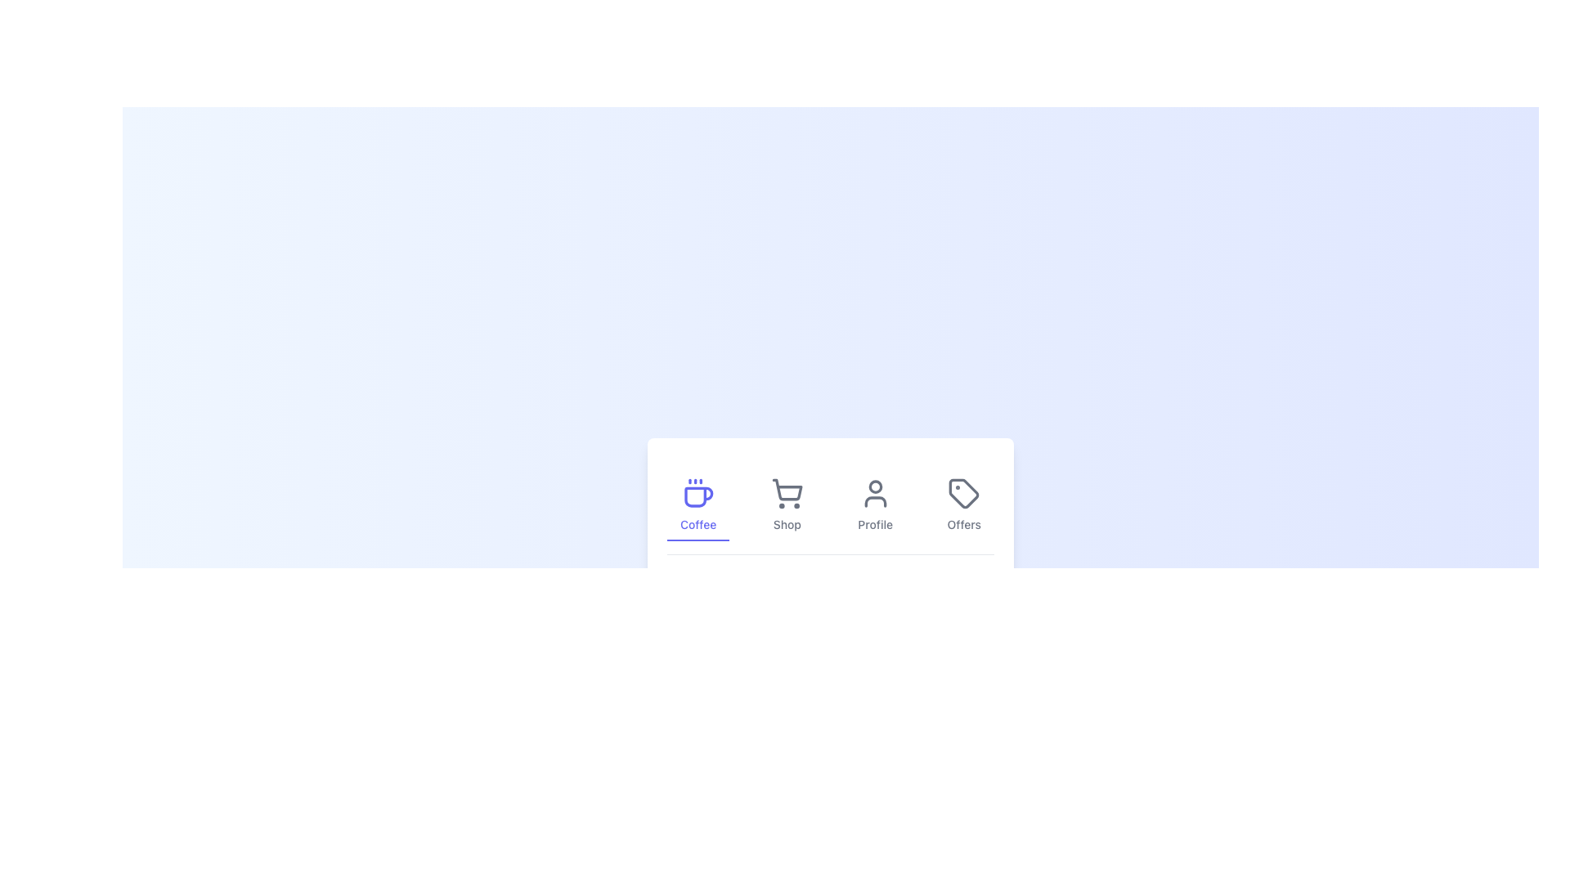  Describe the element at coordinates (964, 504) in the screenshot. I see `the 'Offers' button which is the last element in the horizontal menu bar, featuring a tag-shaped icon above the text label. The button changes its style to light indigo upon hover` at that location.